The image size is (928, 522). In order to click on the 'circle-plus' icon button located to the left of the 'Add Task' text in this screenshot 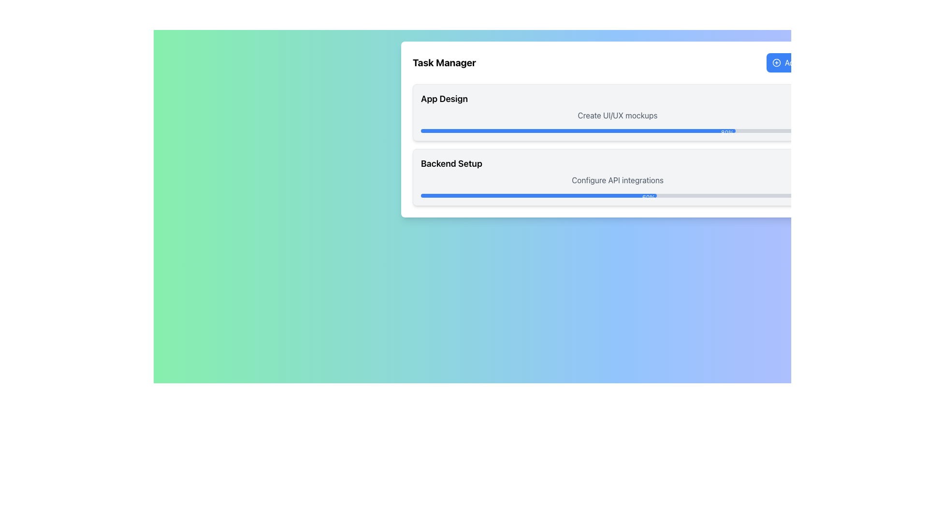, I will do `click(776, 63)`.